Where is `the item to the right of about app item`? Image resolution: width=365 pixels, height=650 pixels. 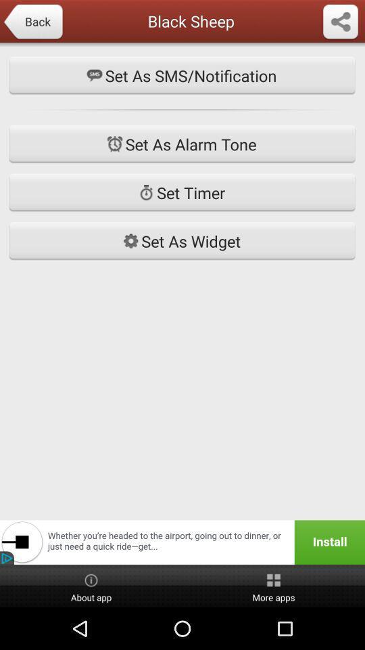 the item to the right of about app item is located at coordinates (274, 586).